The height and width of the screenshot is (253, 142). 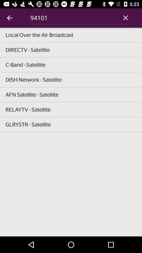 What do you see at coordinates (125, 18) in the screenshot?
I see `the icon to the right of 94101 icon` at bounding box center [125, 18].